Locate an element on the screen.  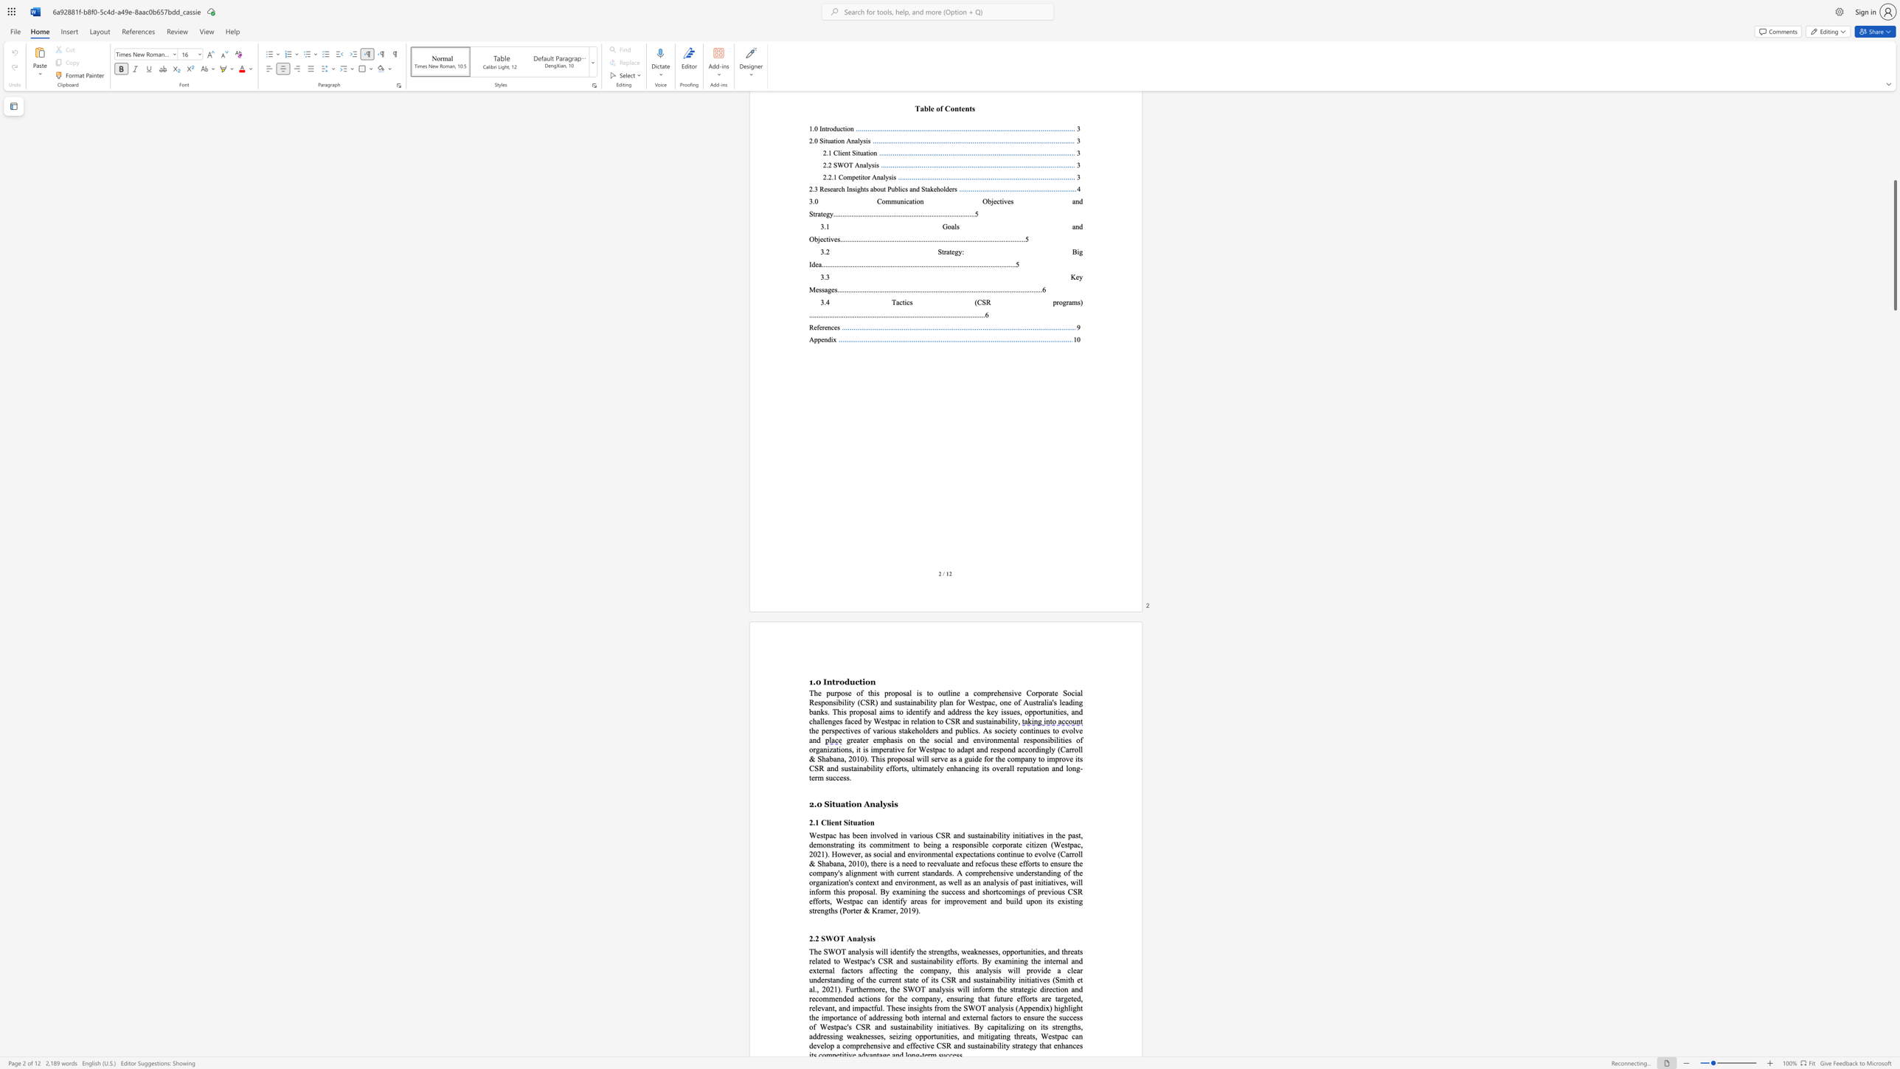
the 2th character "i" in the text is located at coordinates (882, 950).